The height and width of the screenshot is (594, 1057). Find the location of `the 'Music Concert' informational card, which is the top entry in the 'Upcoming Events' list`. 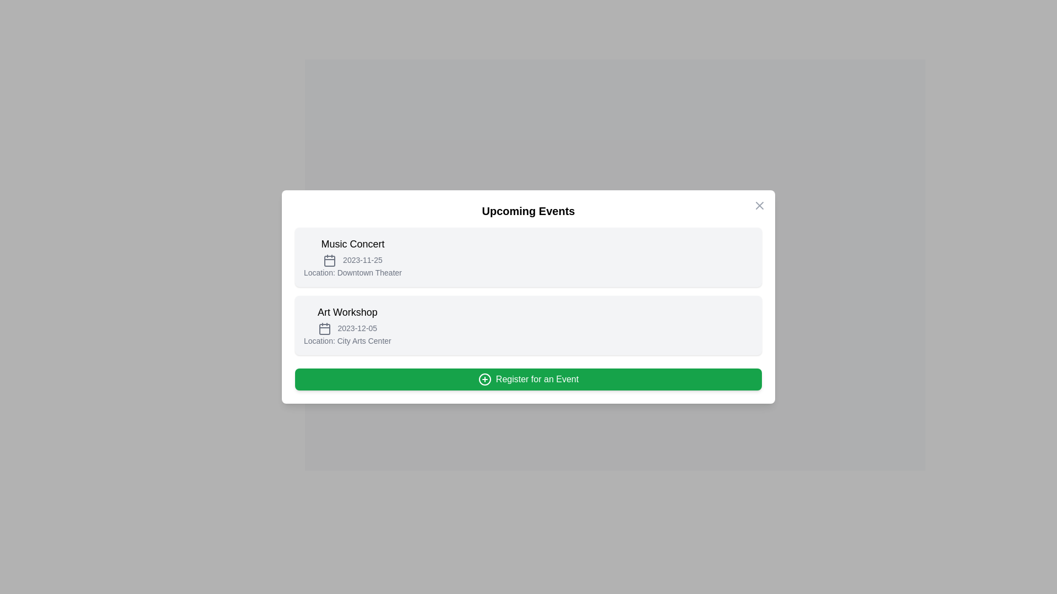

the 'Music Concert' informational card, which is the top entry in the 'Upcoming Events' list is located at coordinates (528, 257).